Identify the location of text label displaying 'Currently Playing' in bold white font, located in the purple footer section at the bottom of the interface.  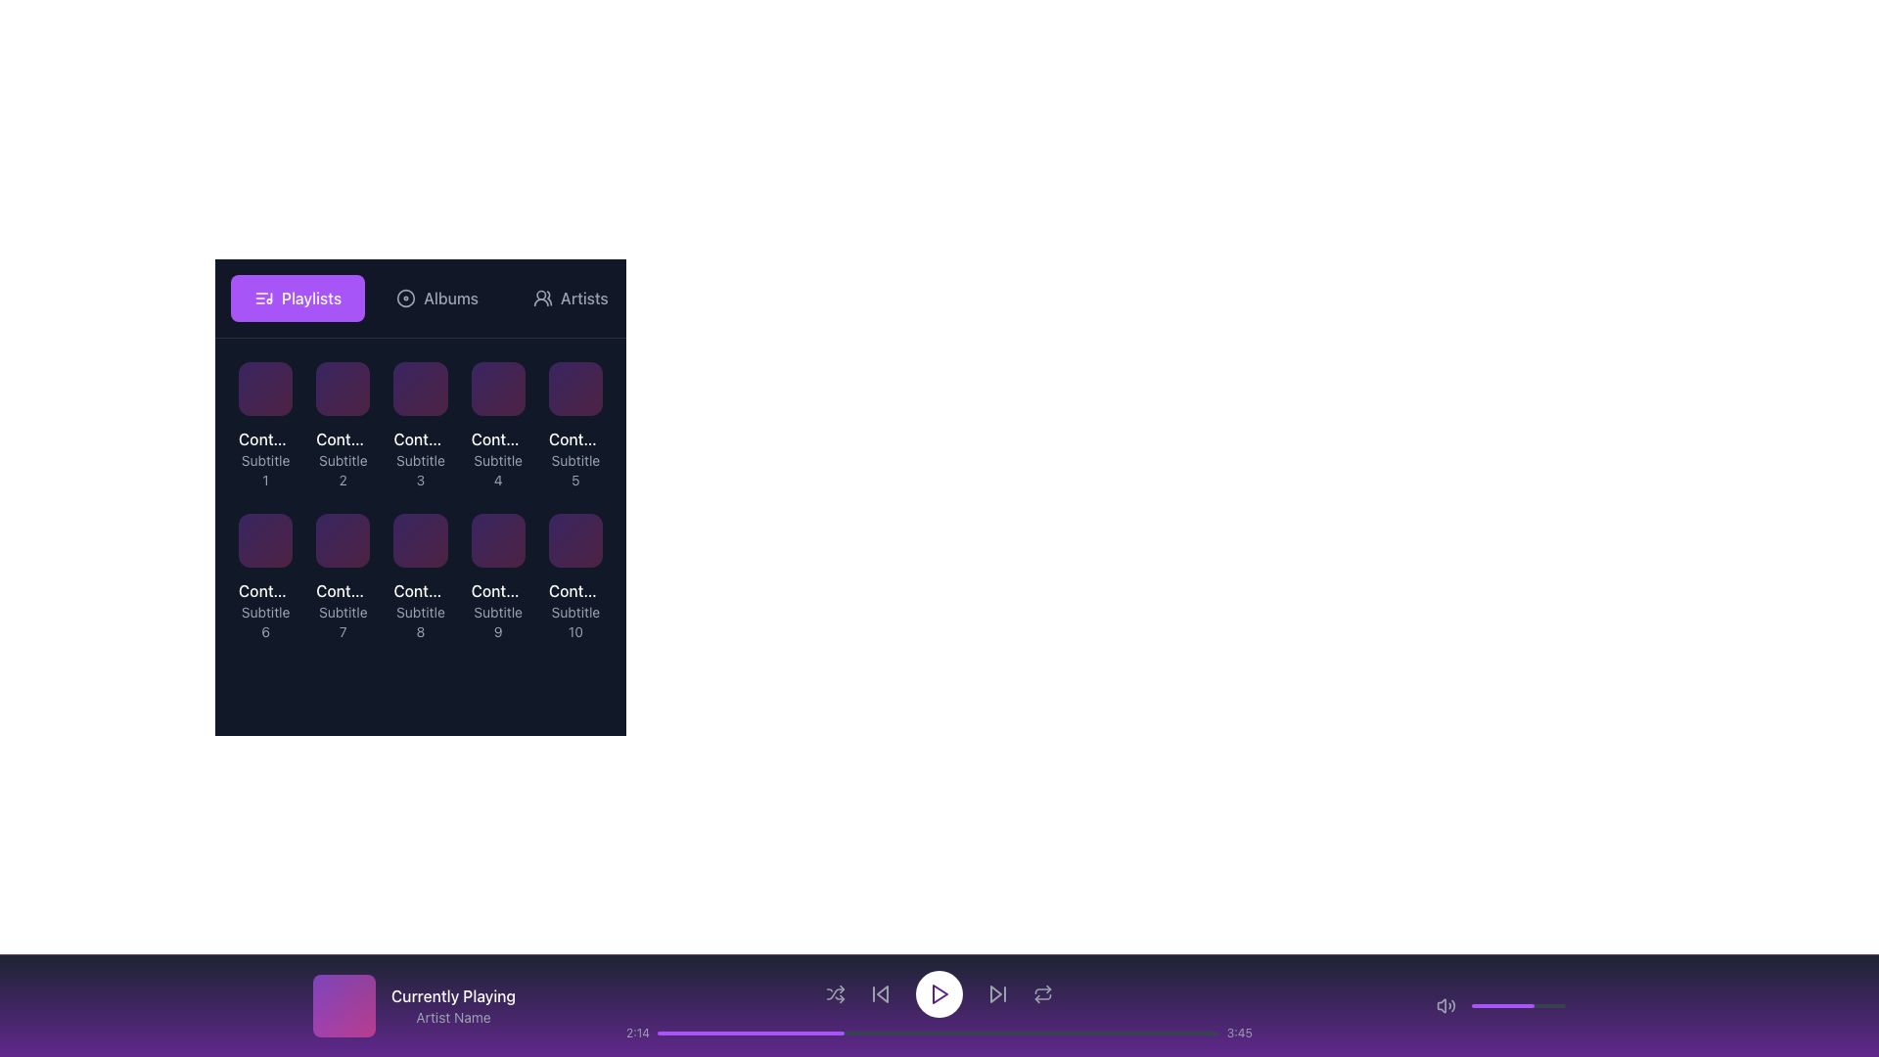
(452, 996).